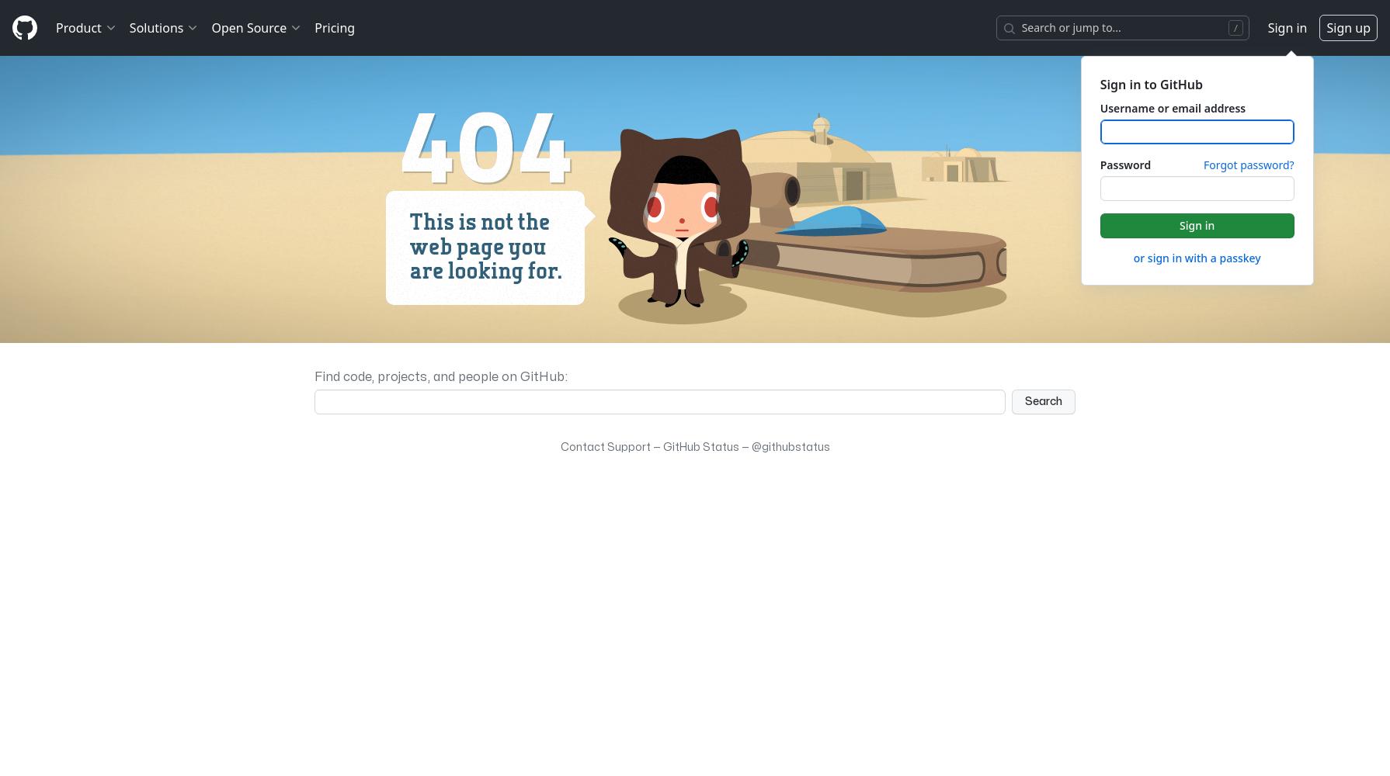  What do you see at coordinates (271, 133) in the screenshot?
I see `'The ReadME Project'` at bounding box center [271, 133].